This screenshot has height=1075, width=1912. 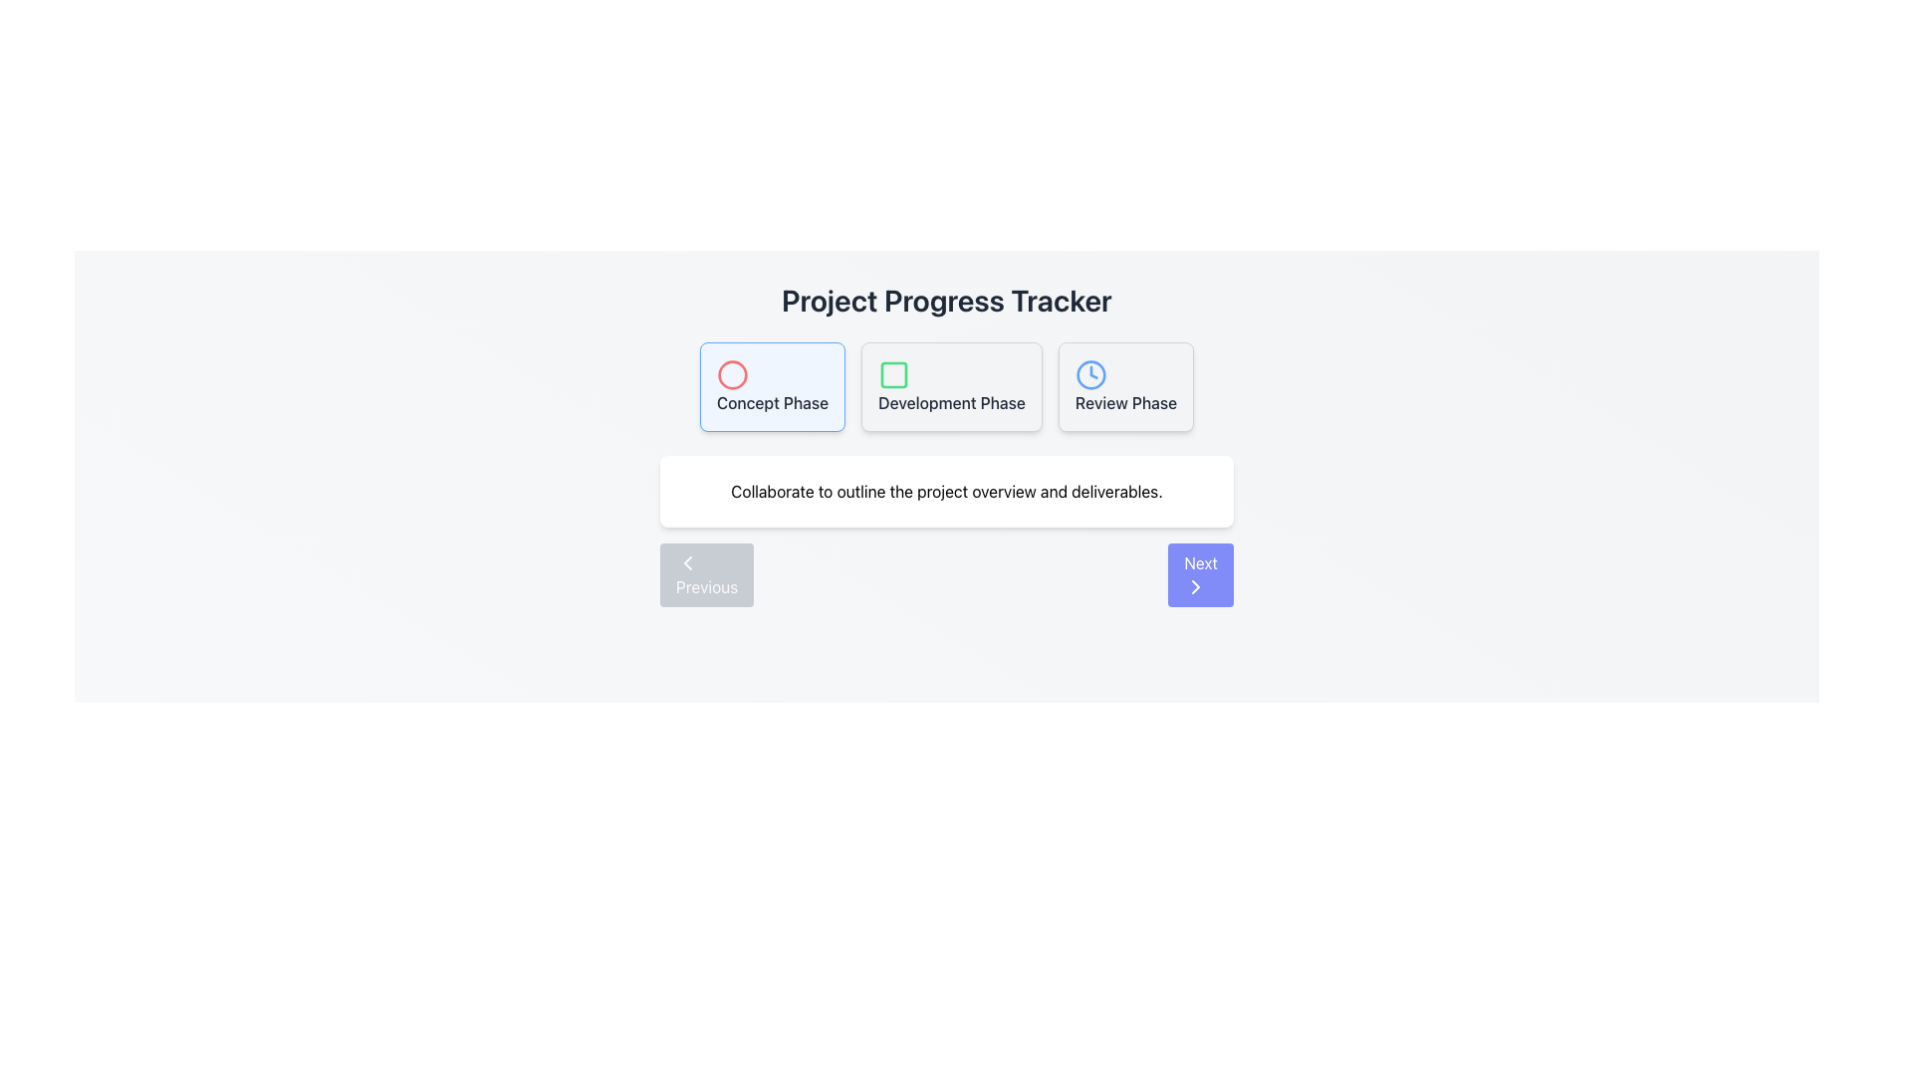 I want to click on the 'Concept Phase' card to highlight or select it, as it represents the current phase in the project tracker, so click(x=772, y=387).